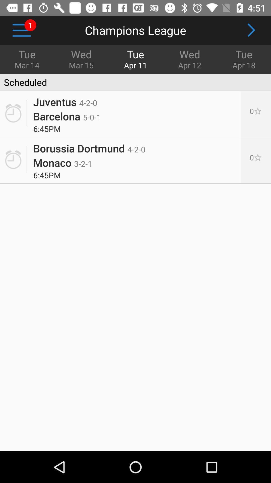 The height and width of the screenshot is (483, 271). Describe the element at coordinates (81, 59) in the screenshot. I see `icon next to the tue` at that location.